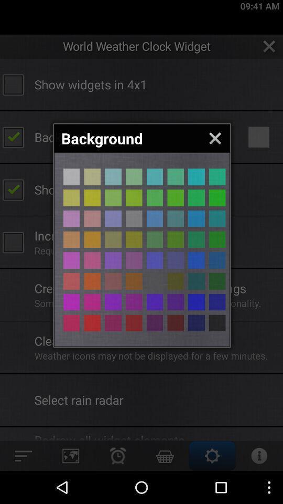 The height and width of the screenshot is (504, 283). I want to click on background colour selection, so click(176, 280).